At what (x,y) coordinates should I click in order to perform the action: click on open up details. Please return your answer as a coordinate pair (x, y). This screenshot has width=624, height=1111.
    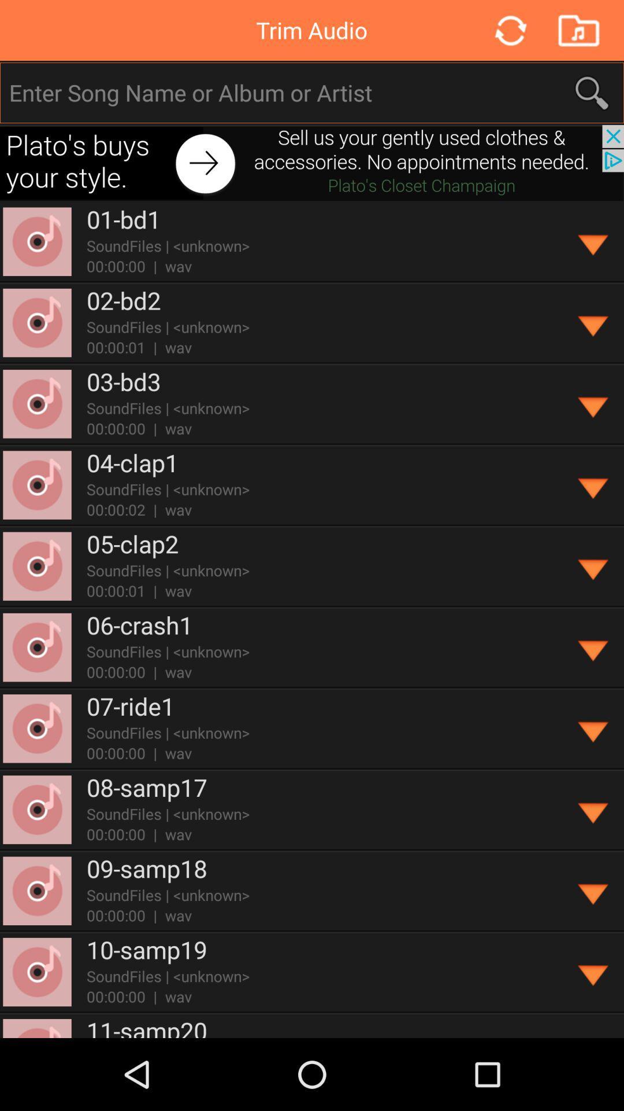
    Looking at the image, I should click on (593, 647).